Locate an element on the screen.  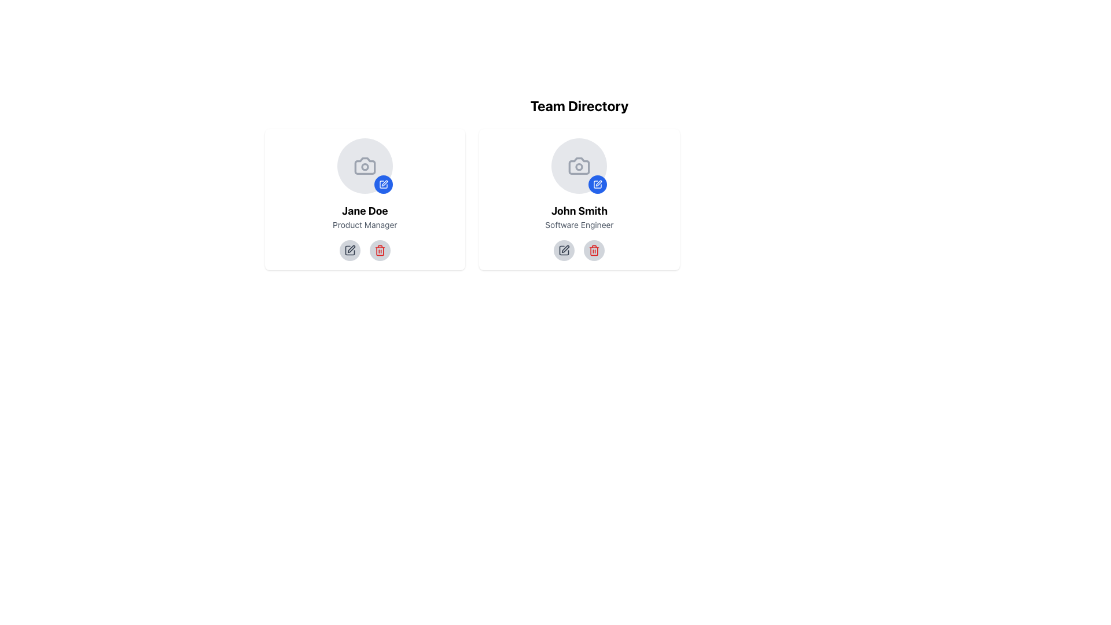
the blue square button with a raised pen symbol in the top-right corner of Jane Doe's profile card is located at coordinates (383, 184).